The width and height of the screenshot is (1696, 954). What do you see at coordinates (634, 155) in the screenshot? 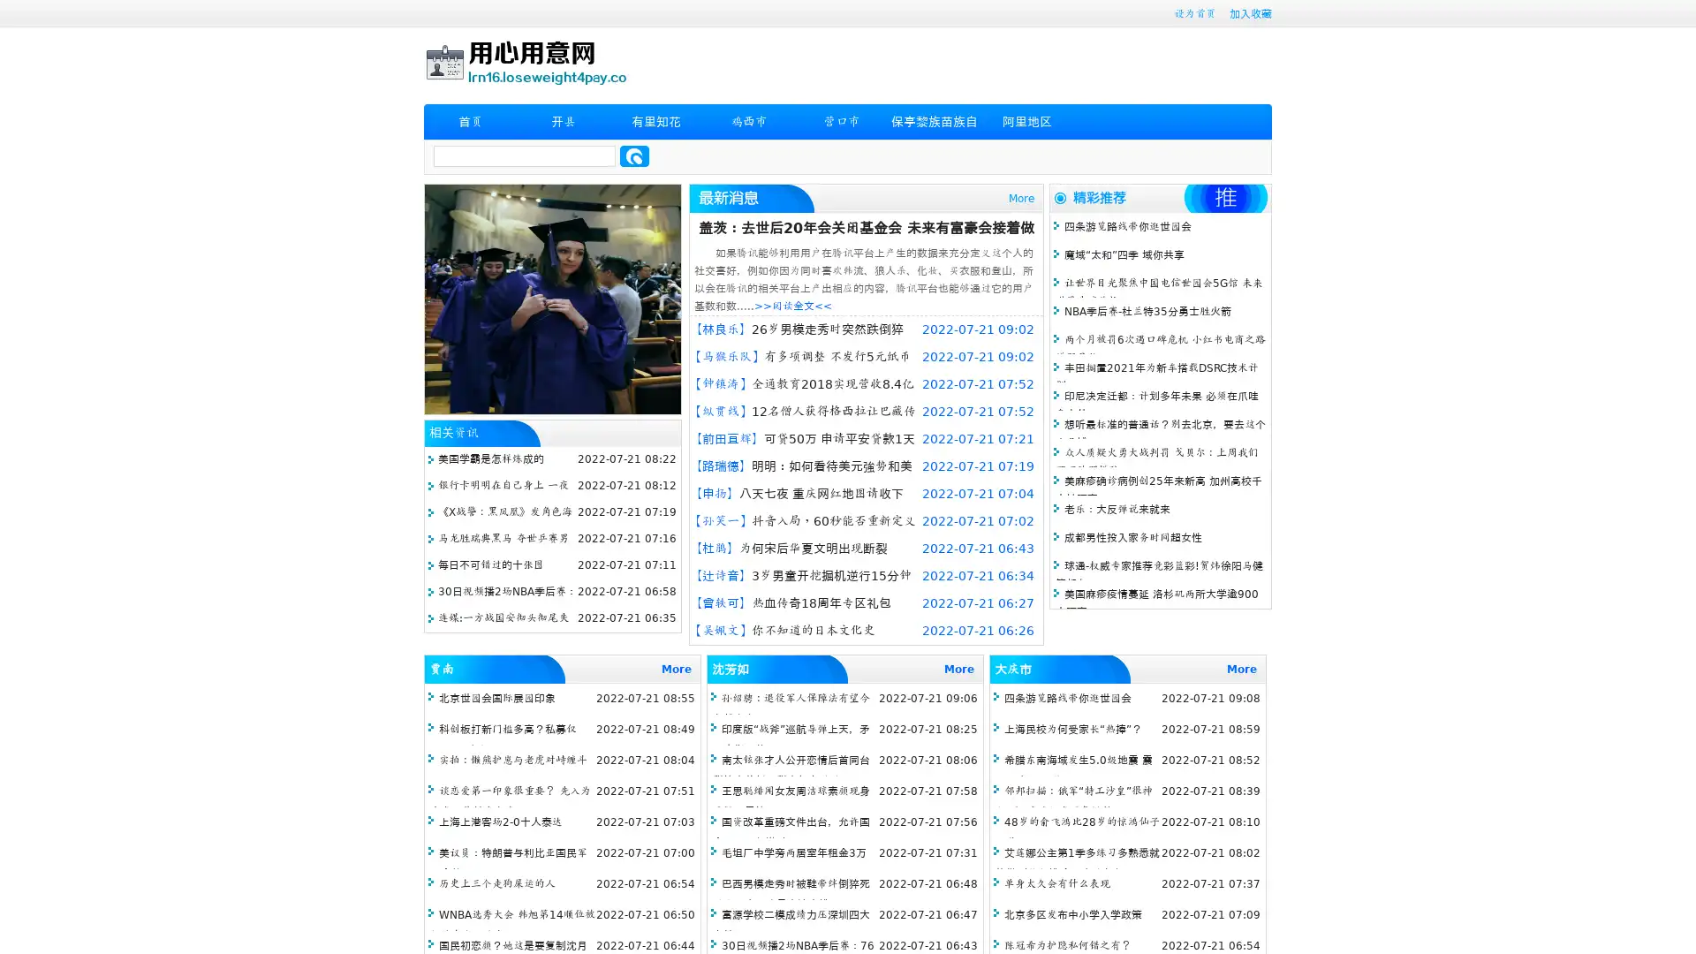
I see `Search` at bounding box center [634, 155].